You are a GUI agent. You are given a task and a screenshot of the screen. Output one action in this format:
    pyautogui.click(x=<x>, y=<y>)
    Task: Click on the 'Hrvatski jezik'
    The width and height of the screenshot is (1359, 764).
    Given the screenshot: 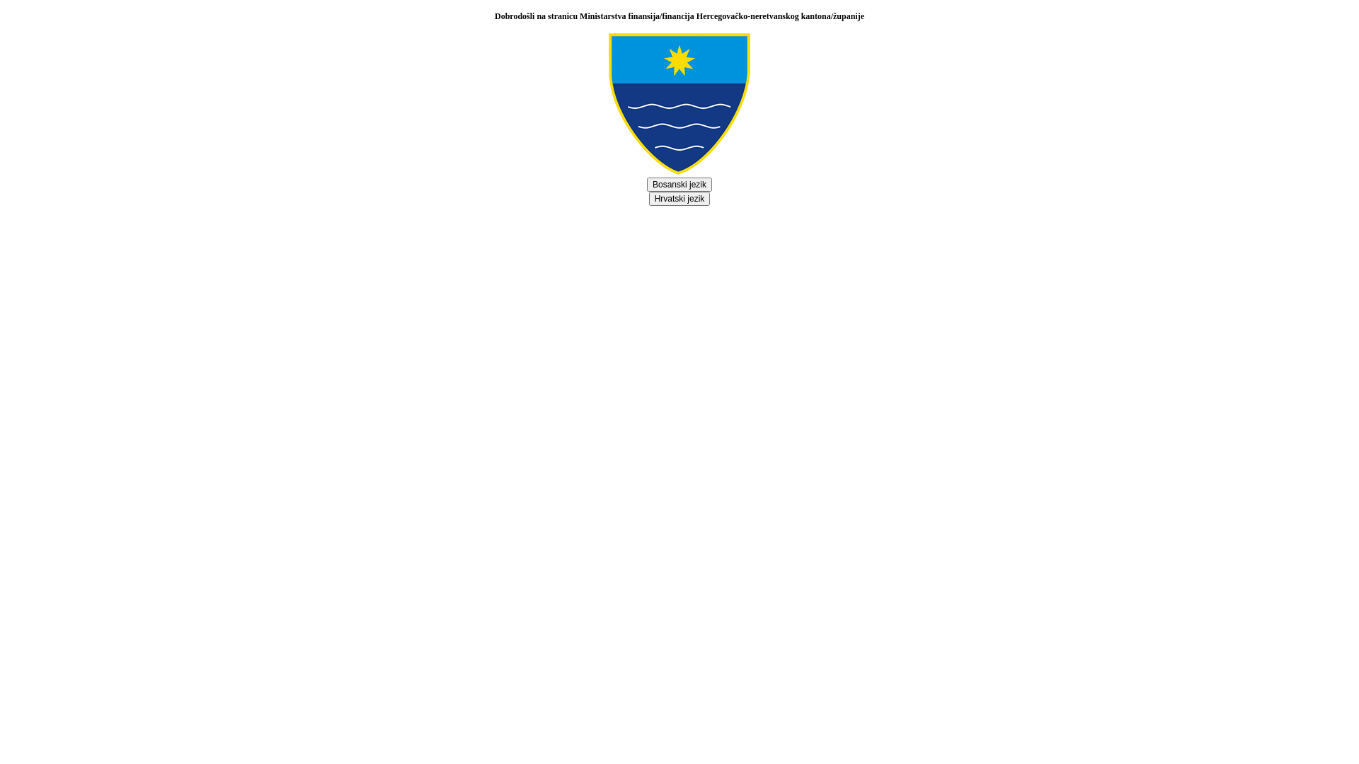 What is the action you would take?
    pyautogui.click(x=679, y=199)
    